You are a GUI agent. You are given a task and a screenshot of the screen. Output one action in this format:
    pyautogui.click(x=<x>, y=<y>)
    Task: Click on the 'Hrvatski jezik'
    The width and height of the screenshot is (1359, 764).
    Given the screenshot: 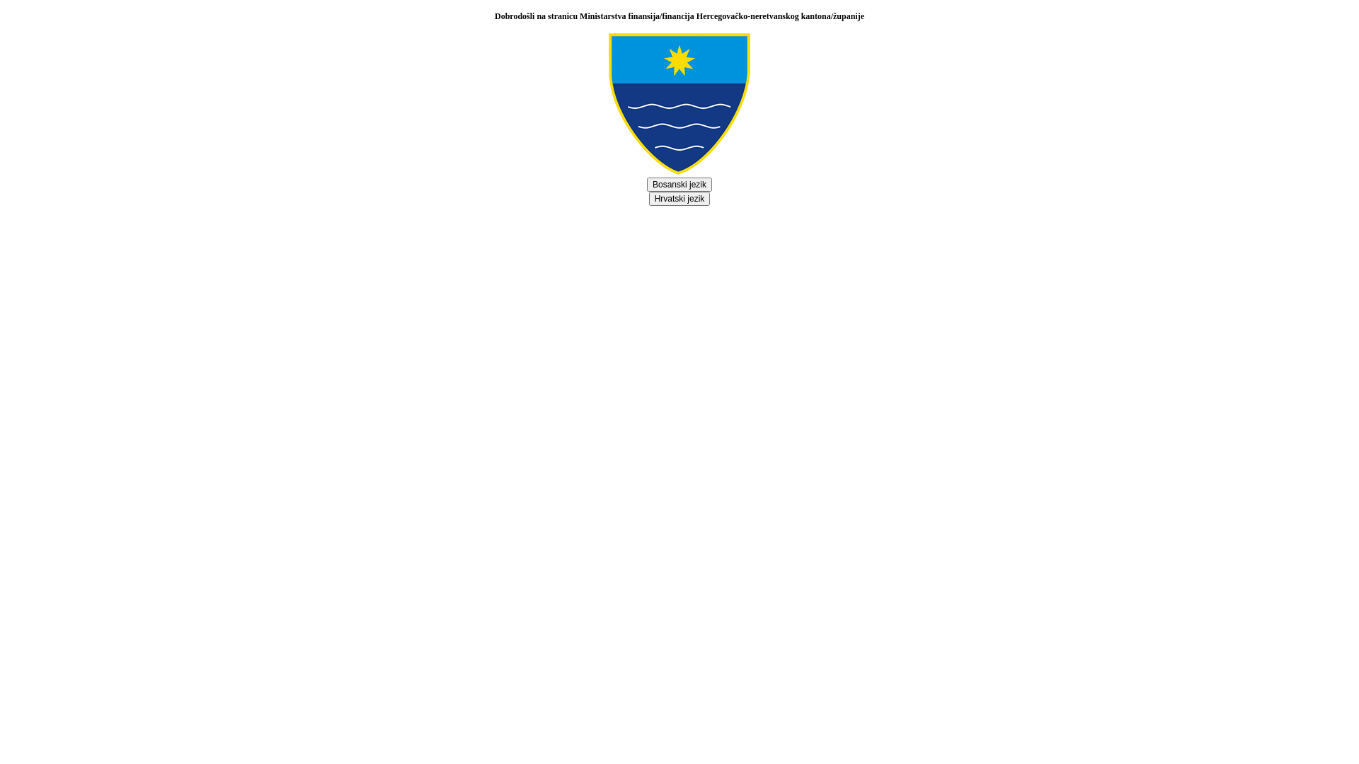 What is the action you would take?
    pyautogui.click(x=679, y=199)
    